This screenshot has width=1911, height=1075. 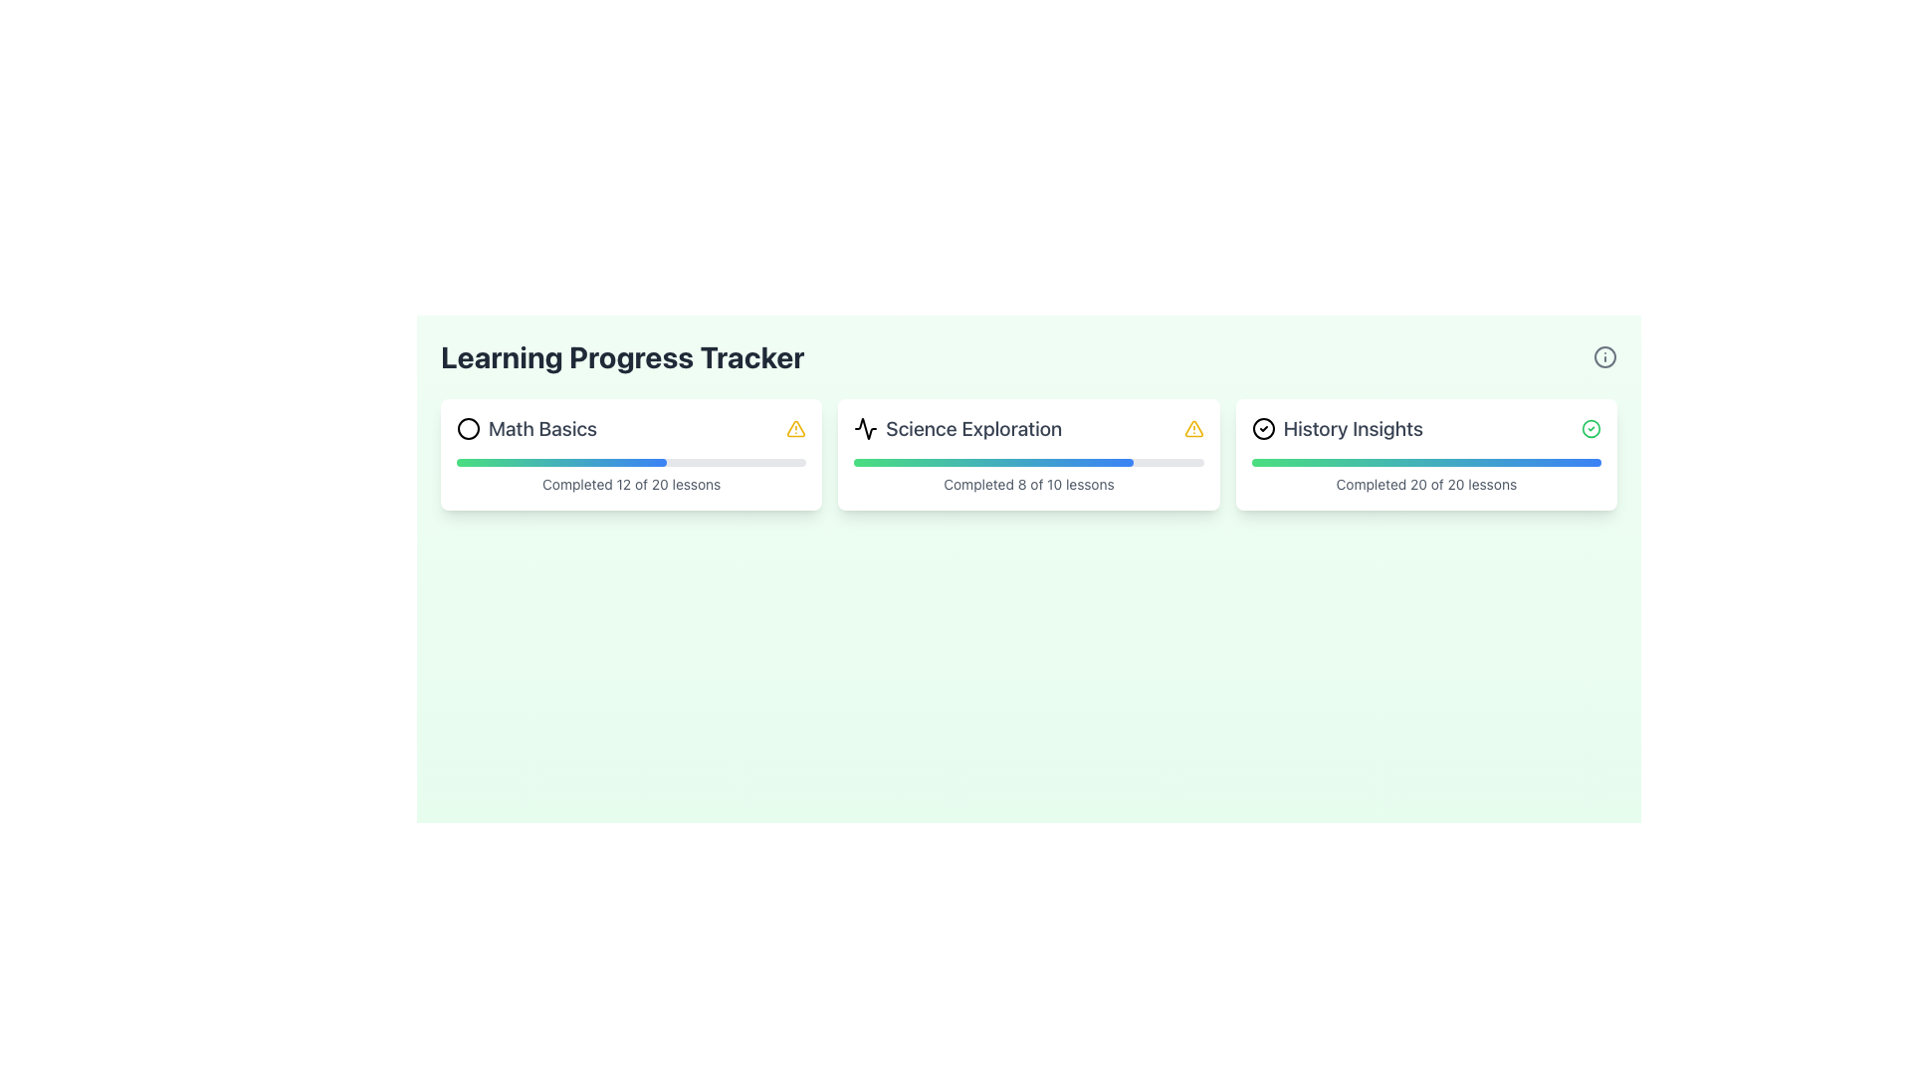 I want to click on the progress bar of the 'Math Basics' informational card, which is the leftmost card in a row of three cards, so click(x=630, y=454).